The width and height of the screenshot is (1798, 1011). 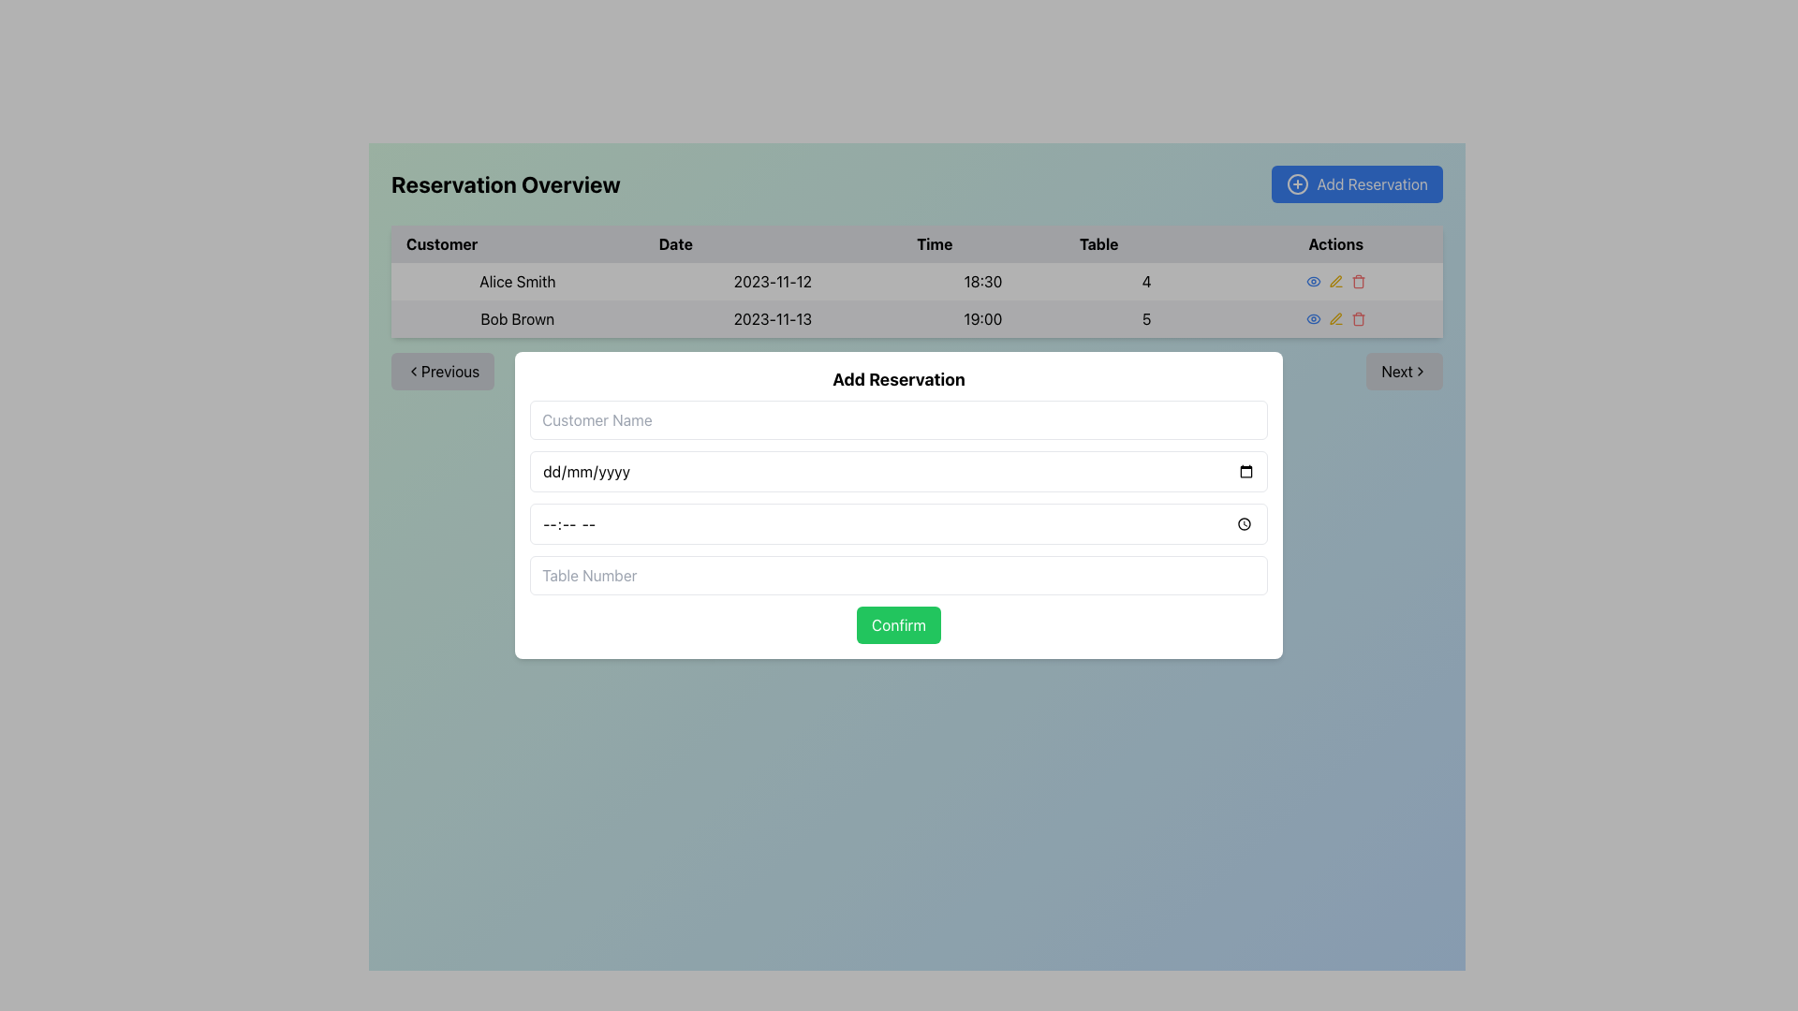 What do you see at coordinates (1312, 281) in the screenshot?
I see `the eye icon located under the 'Actions' column in the reservation table, aligned with the entry 'Bob Brown', to the left of the pencil (edit) icon` at bounding box center [1312, 281].